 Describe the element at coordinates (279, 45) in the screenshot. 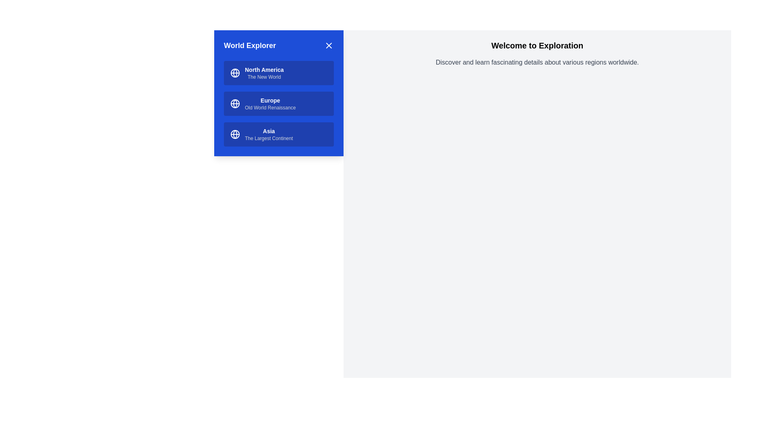

I see `the header text 'World Explorer'` at that location.